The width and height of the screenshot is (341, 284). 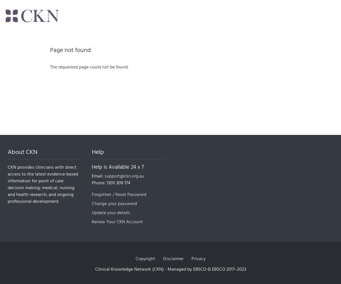 I want to click on 'Update your details', so click(x=111, y=212).